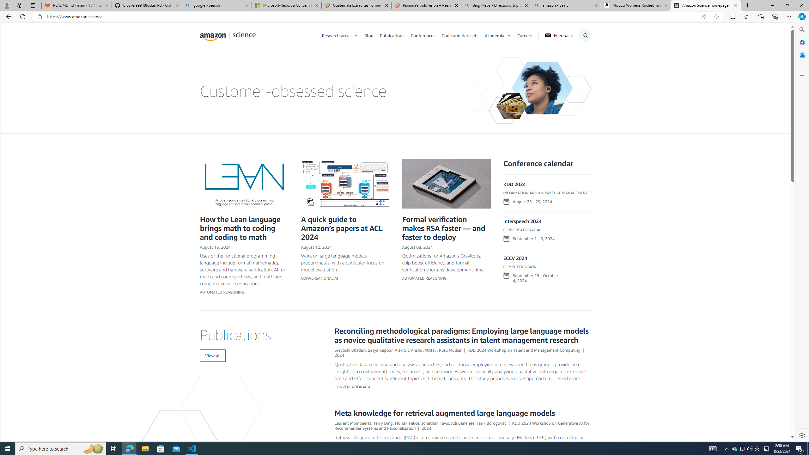  I want to click on 'Publications', so click(392, 35).